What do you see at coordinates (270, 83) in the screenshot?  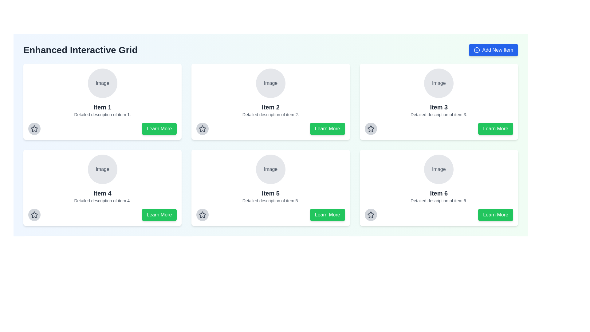 I see `the text label 'Image' styled in gray color, located centrally within a circular area in the second card of the grid layout labeled 'Item 2'` at bounding box center [270, 83].